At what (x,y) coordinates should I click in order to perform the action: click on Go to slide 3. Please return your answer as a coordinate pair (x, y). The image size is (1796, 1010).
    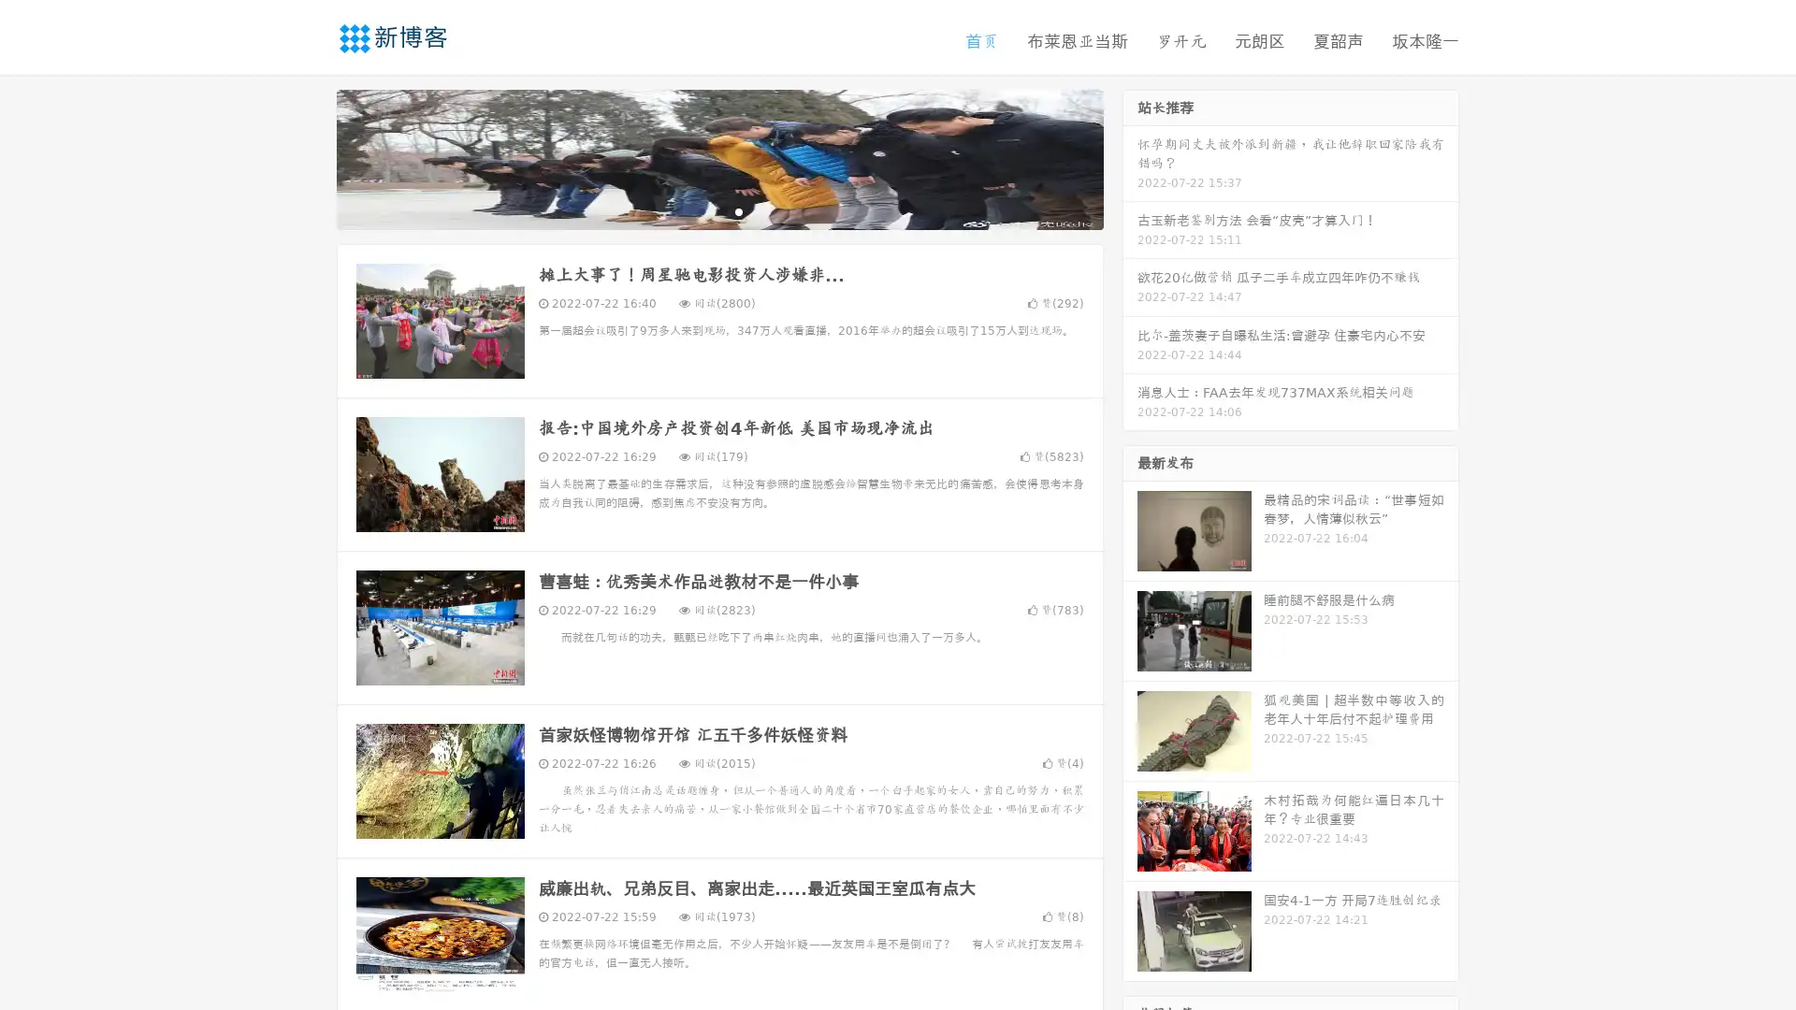
    Looking at the image, I should click on (738, 210).